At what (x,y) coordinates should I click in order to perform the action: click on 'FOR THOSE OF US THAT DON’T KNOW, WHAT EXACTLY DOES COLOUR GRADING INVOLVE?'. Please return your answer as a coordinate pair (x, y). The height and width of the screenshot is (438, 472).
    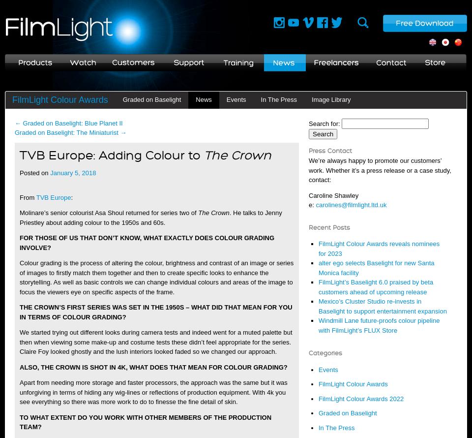
    Looking at the image, I should click on (19, 242).